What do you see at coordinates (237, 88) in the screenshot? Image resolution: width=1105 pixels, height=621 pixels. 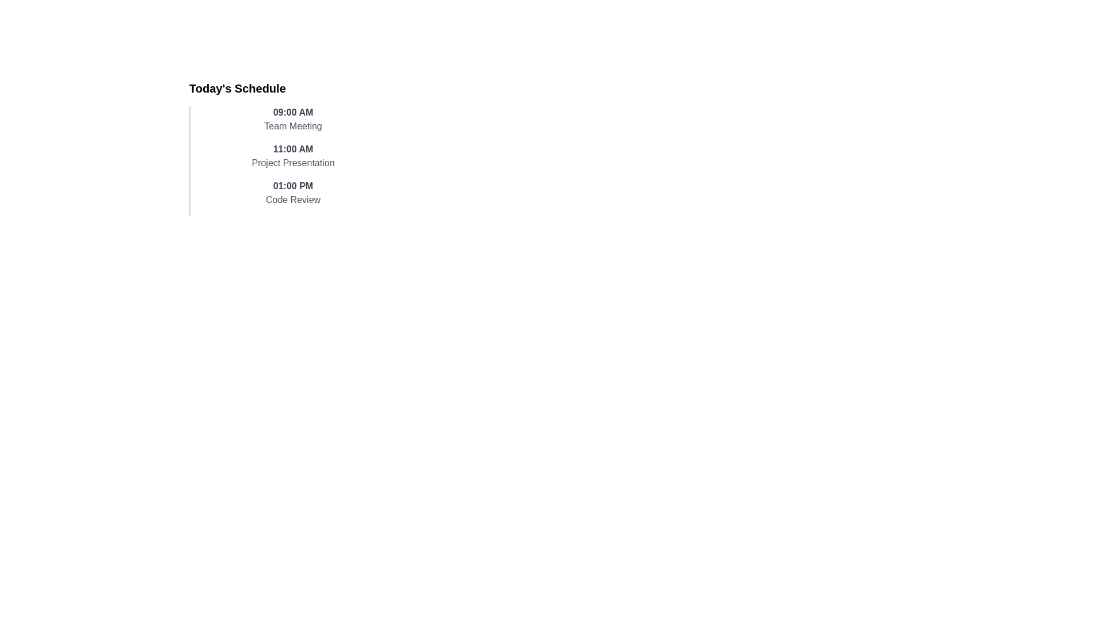 I see `the bold text label displaying 'Today's Schedule', which serves as the header for the list of scheduled events` at bounding box center [237, 88].